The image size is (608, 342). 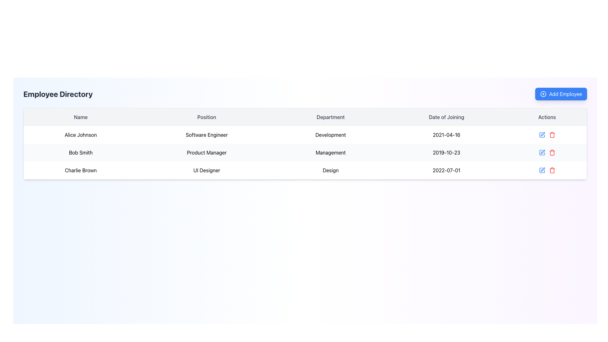 What do you see at coordinates (552, 153) in the screenshot?
I see `the main body of the trash can icon in the 'Actions' column for 'Bob Smith' in the employee directory` at bounding box center [552, 153].